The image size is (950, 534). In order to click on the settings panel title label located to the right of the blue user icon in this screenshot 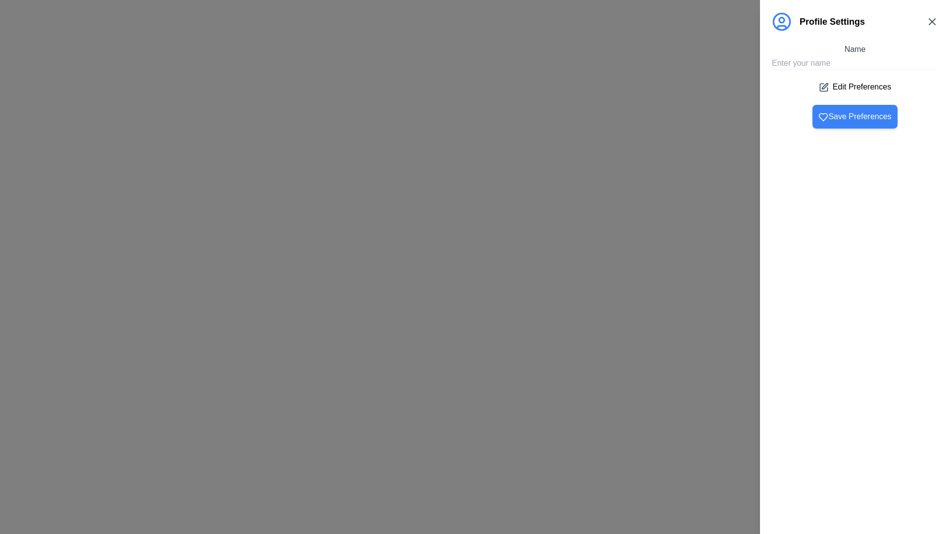, I will do `click(832, 21)`.